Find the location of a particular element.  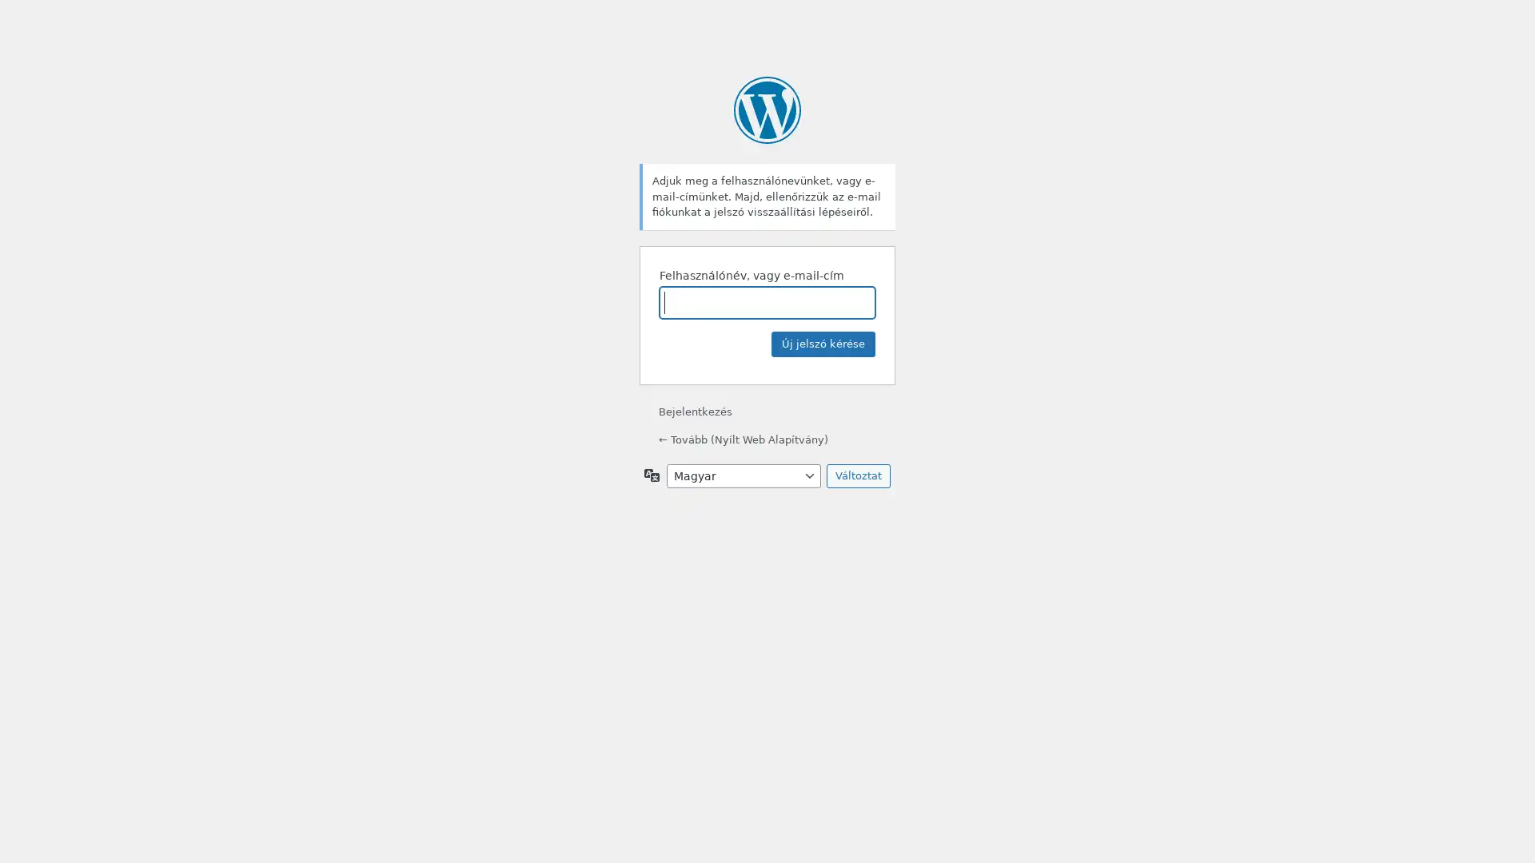

Uj jelszo kerese is located at coordinates (823, 342).